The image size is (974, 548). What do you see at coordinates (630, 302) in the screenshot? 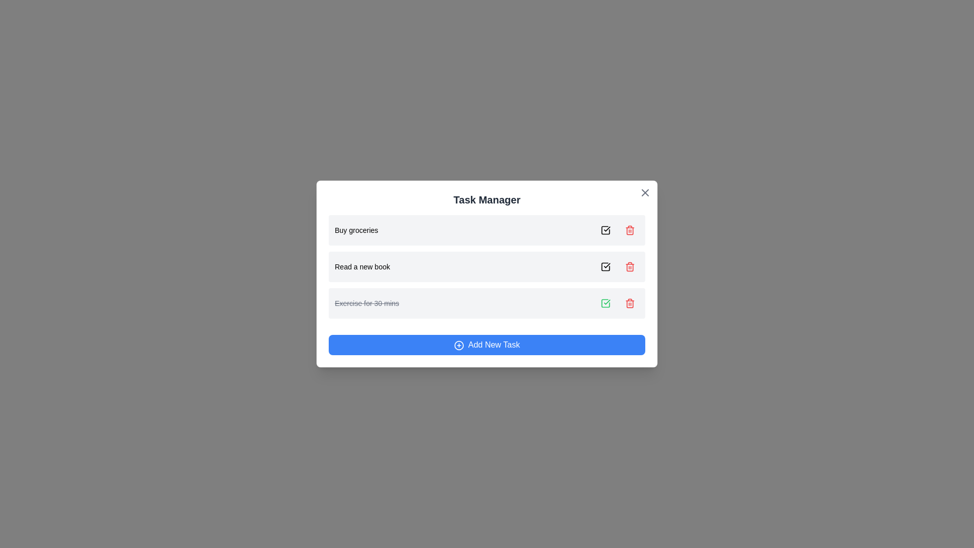
I see `the delete button located at the rightmost position in the horizontal row of interactive elements` at bounding box center [630, 302].